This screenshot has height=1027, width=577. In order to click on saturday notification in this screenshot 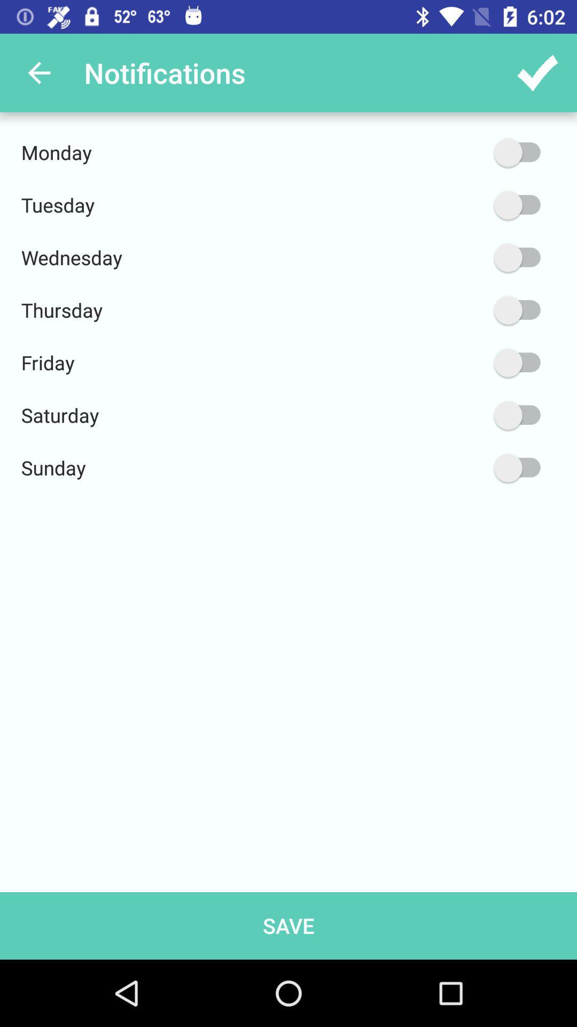, I will do `click(466, 415)`.